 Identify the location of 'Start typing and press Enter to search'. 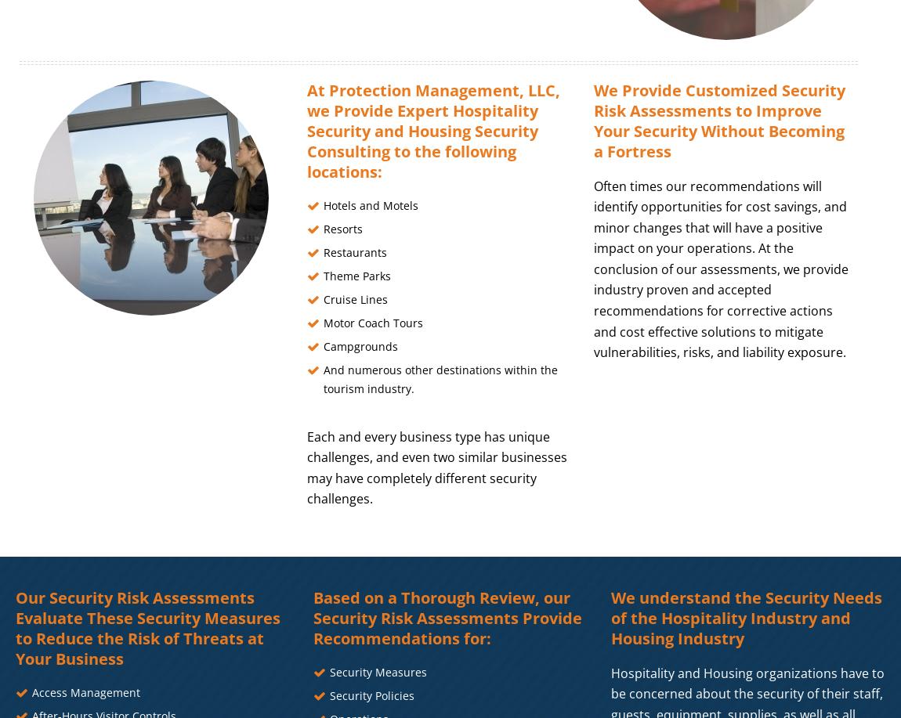
(317, 18).